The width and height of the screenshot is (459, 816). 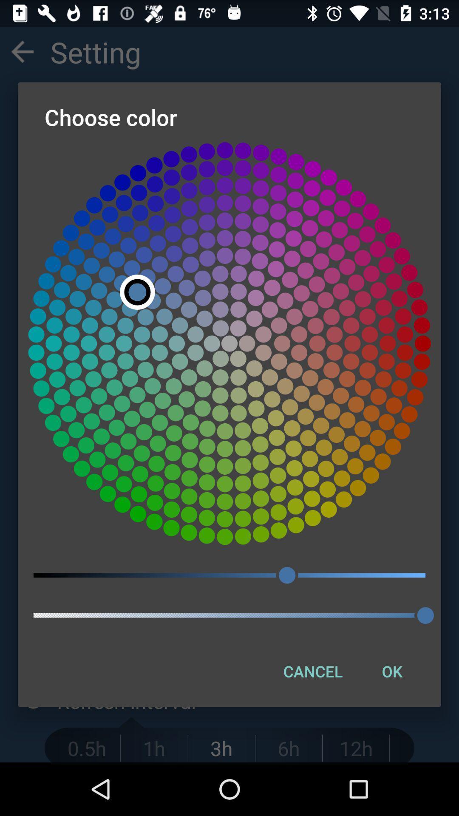 I want to click on item next to cancel, so click(x=392, y=671).